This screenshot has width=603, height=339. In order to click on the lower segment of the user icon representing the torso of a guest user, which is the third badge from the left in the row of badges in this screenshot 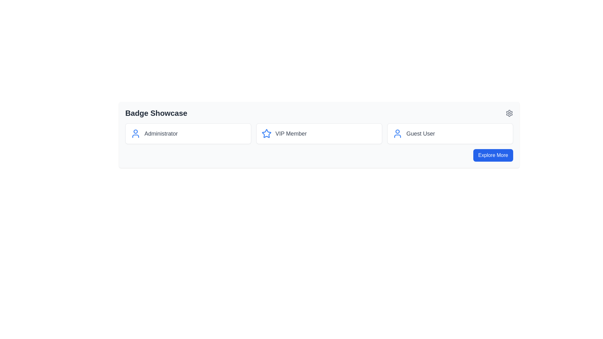, I will do `click(397, 136)`.